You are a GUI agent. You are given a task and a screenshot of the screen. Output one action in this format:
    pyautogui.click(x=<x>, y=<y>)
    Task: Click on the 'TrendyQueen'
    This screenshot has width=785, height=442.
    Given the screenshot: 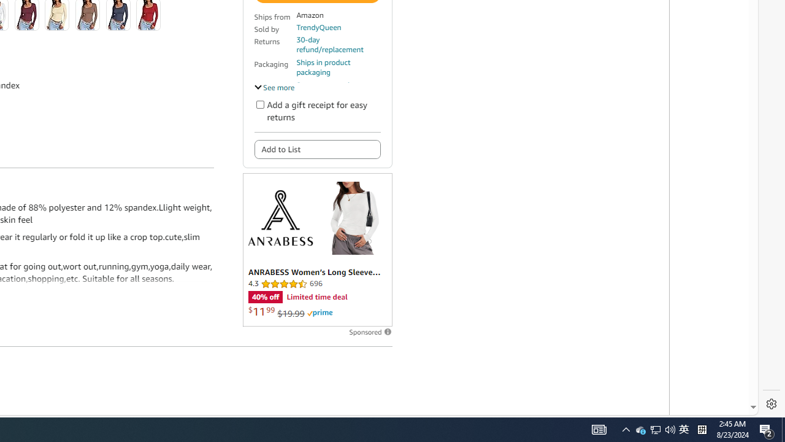 What is the action you would take?
    pyautogui.click(x=318, y=27)
    